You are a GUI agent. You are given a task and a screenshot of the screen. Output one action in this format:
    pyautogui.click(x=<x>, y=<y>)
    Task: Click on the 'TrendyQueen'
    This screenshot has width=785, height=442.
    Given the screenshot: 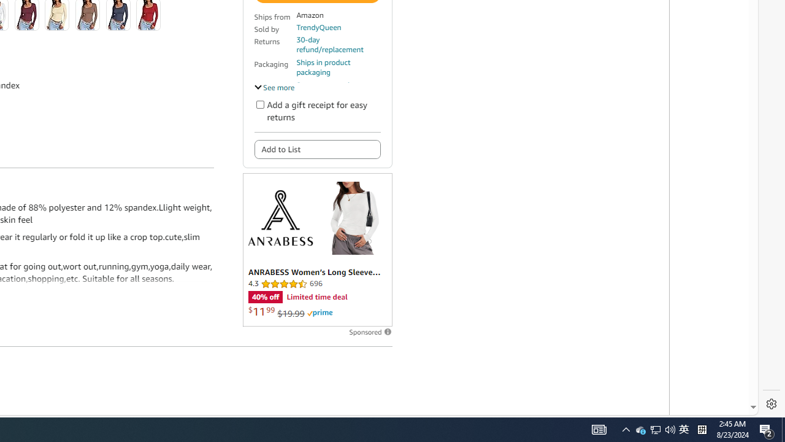 What is the action you would take?
    pyautogui.click(x=318, y=27)
    